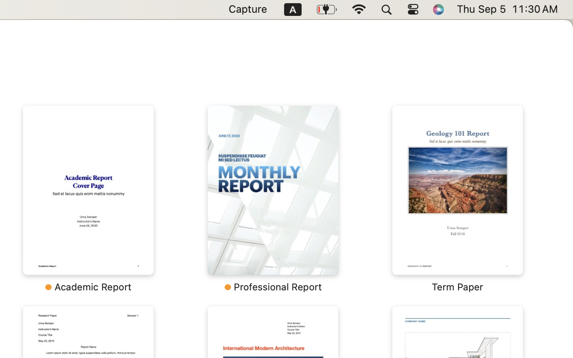 The height and width of the screenshot is (358, 573). What do you see at coordinates (273, 199) in the screenshot?
I see `'‎￼ ⁨Professional Report⁩'` at bounding box center [273, 199].